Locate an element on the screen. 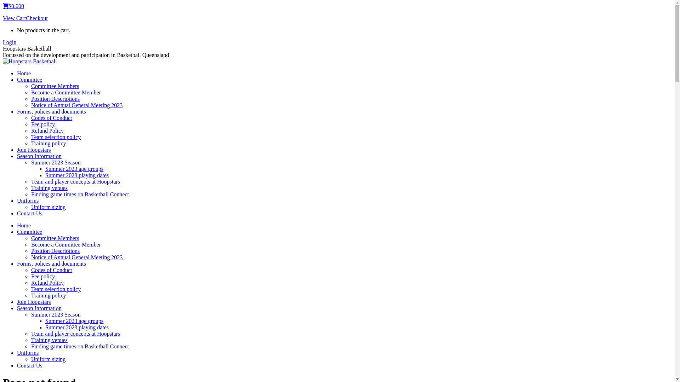 The image size is (680, 382). 'Summer 2023 age groups' is located at coordinates (74, 169).